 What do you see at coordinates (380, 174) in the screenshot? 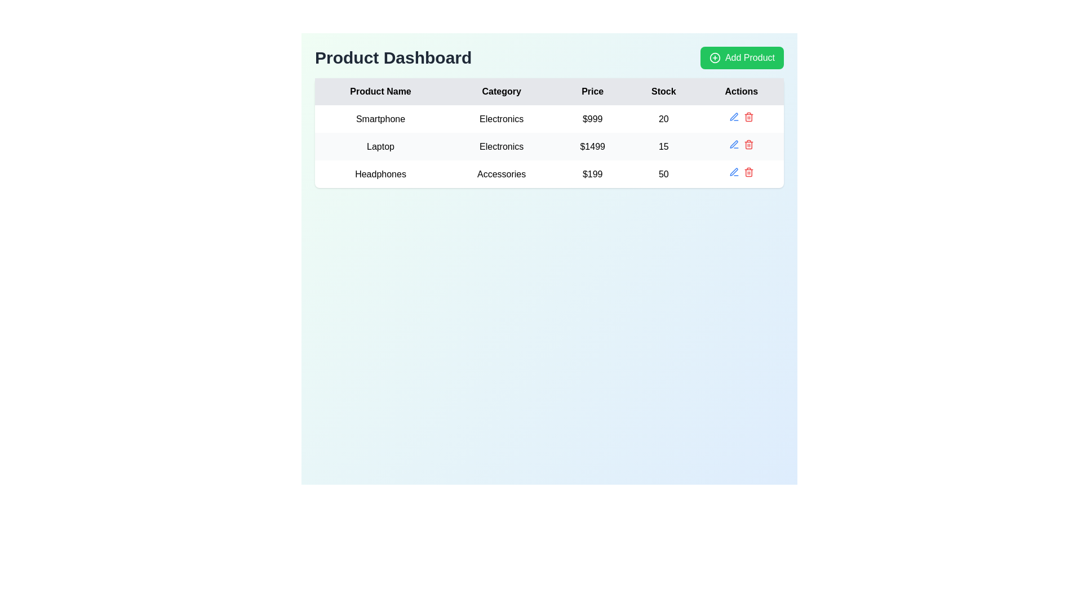
I see `the 'Product Name' label in the third row of the Product Dashboard` at bounding box center [380, 174].